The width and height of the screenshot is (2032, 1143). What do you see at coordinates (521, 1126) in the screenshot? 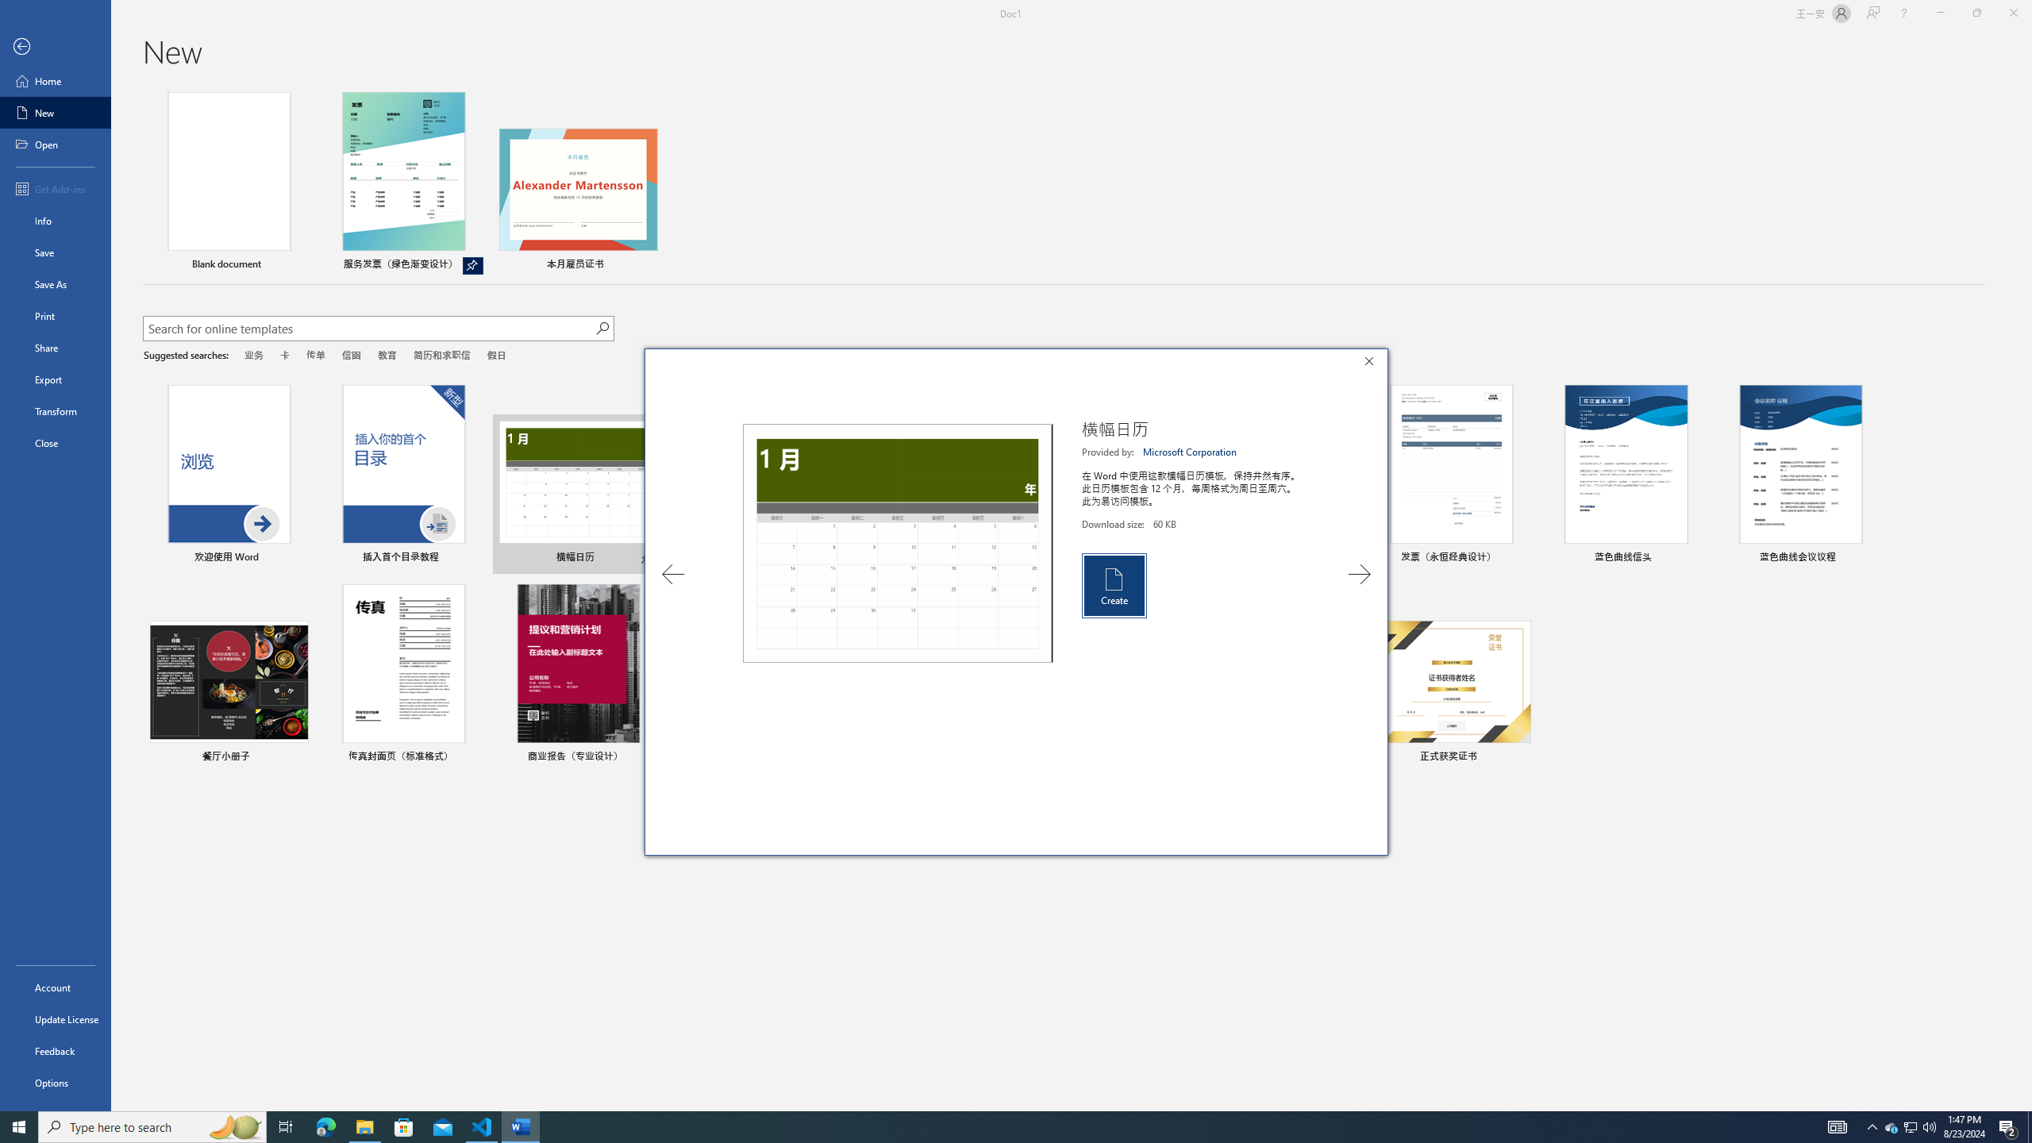
I see `'Word - 1 running window'` at bounding box center [521, 1126].